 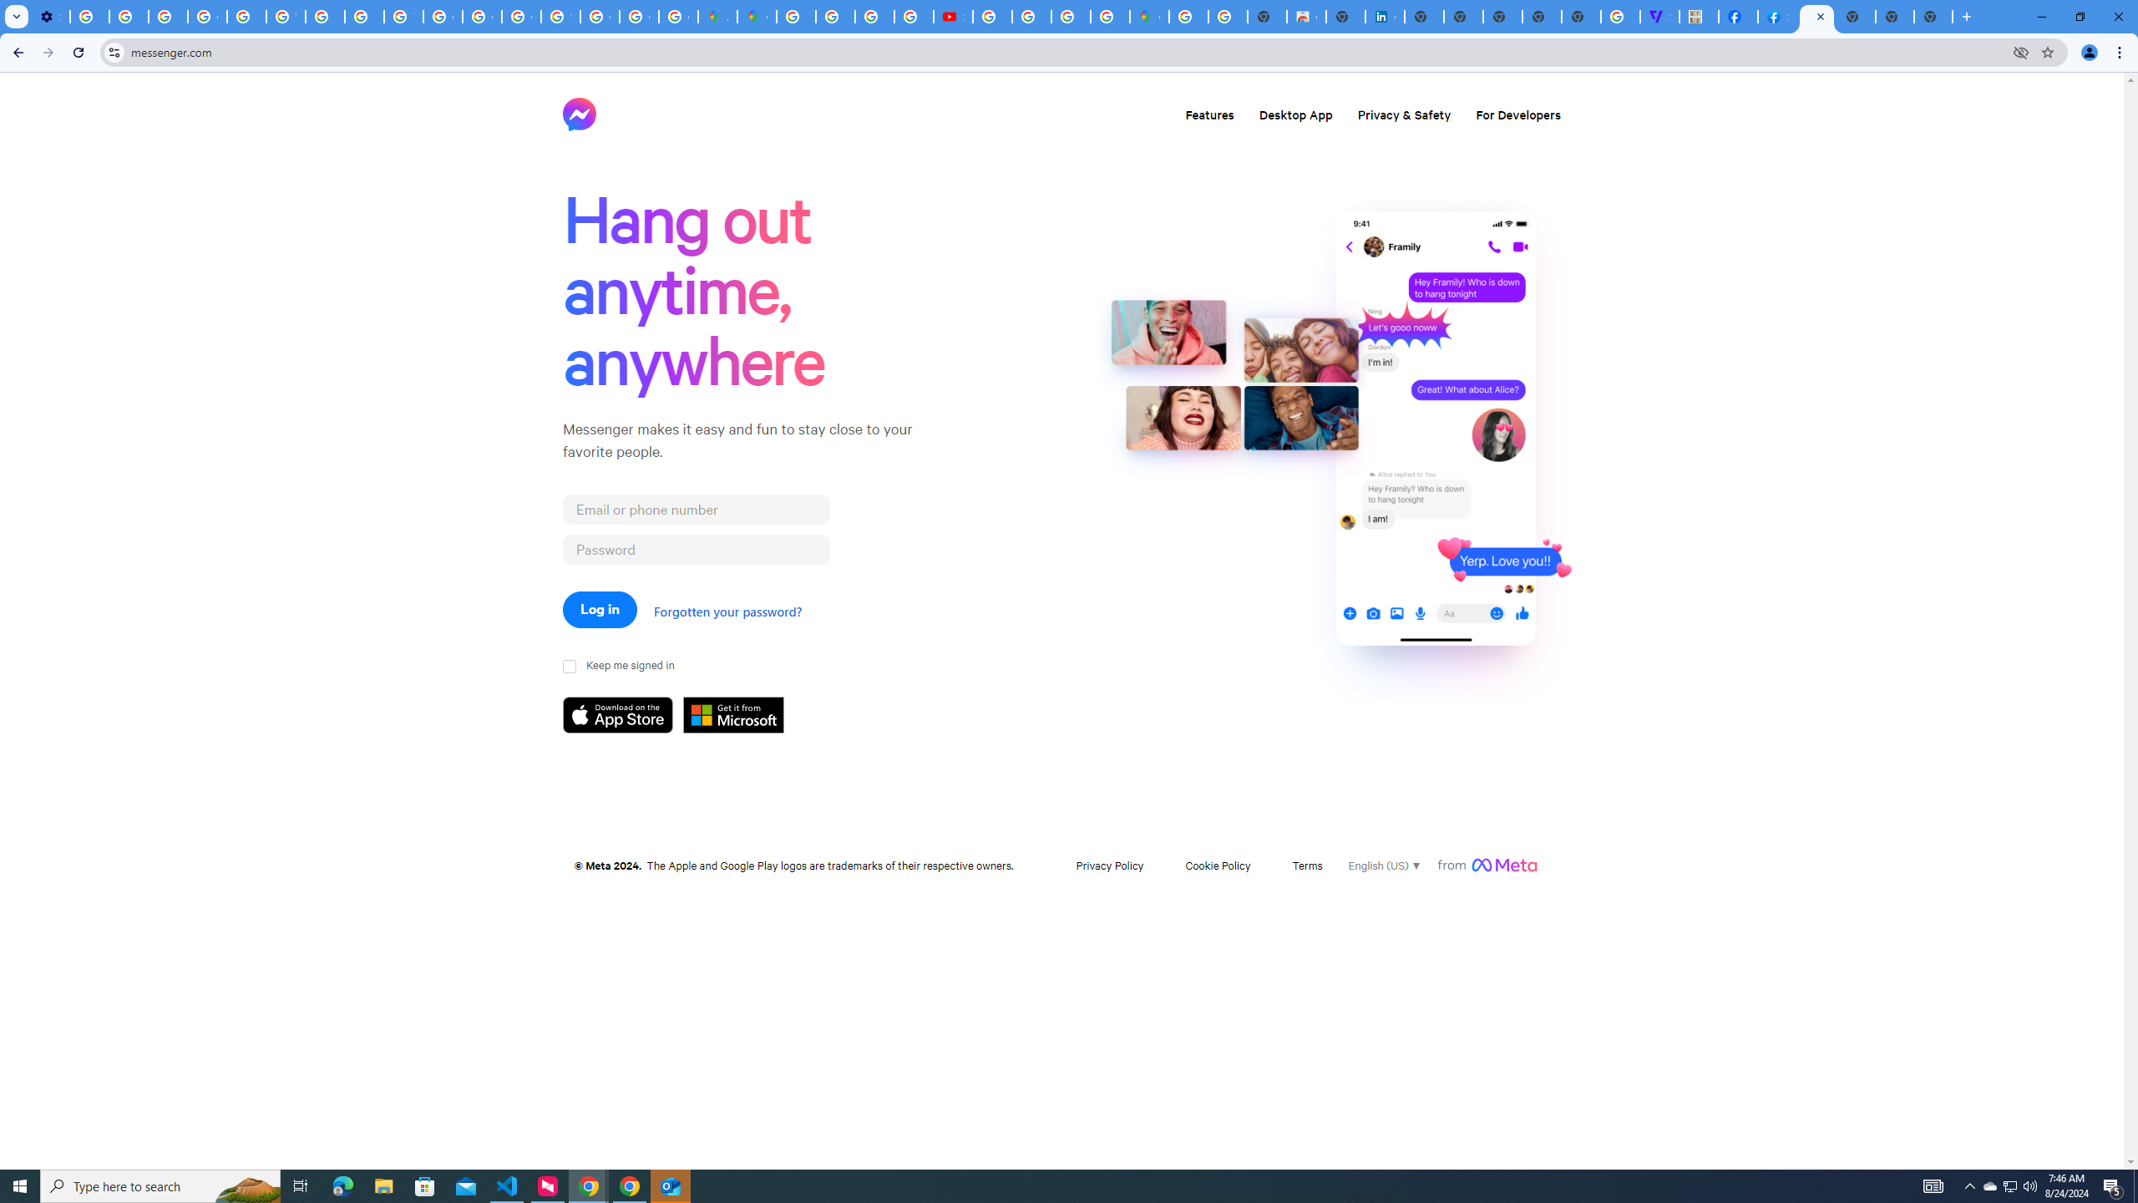 I want to click on 'Sign Up for Facebook', so click(x=1776, y=16).